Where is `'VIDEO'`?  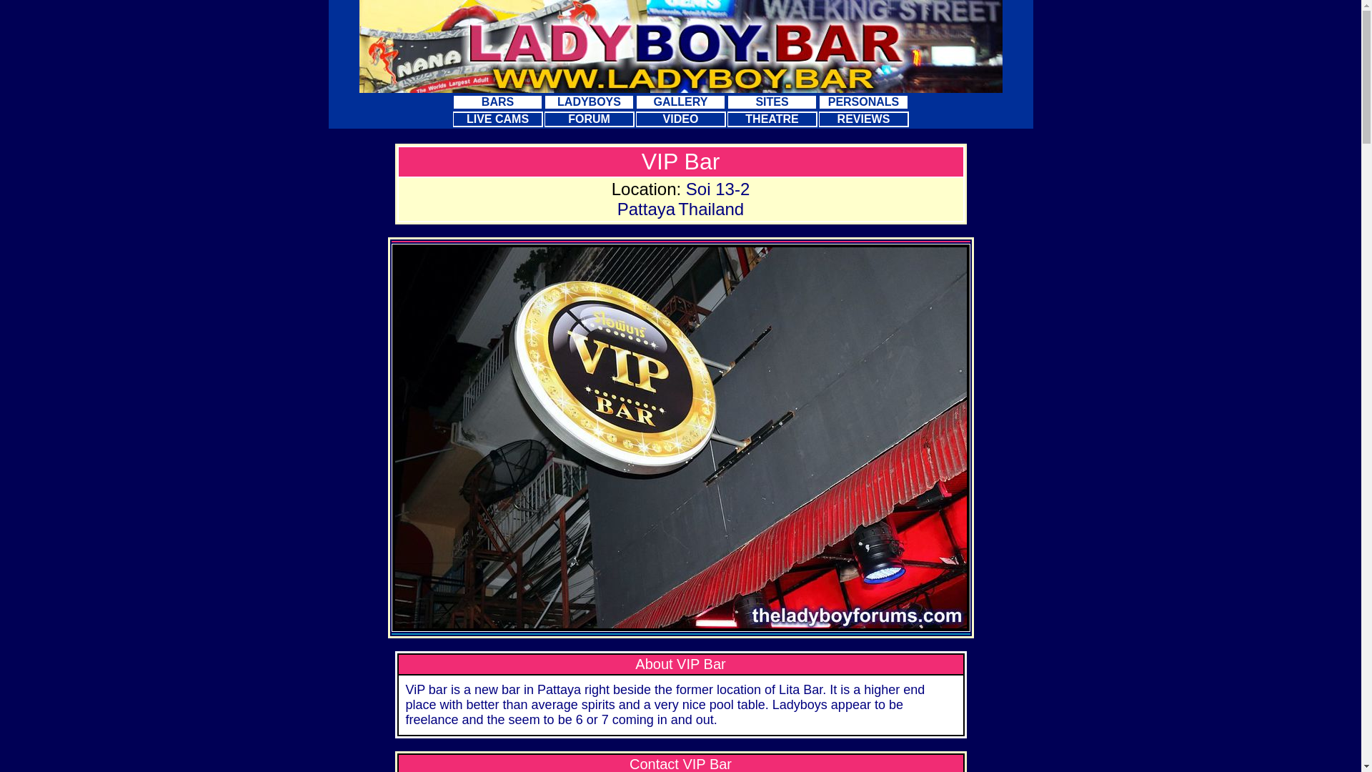 'VIDEO' is located at coordinates (679, 118).